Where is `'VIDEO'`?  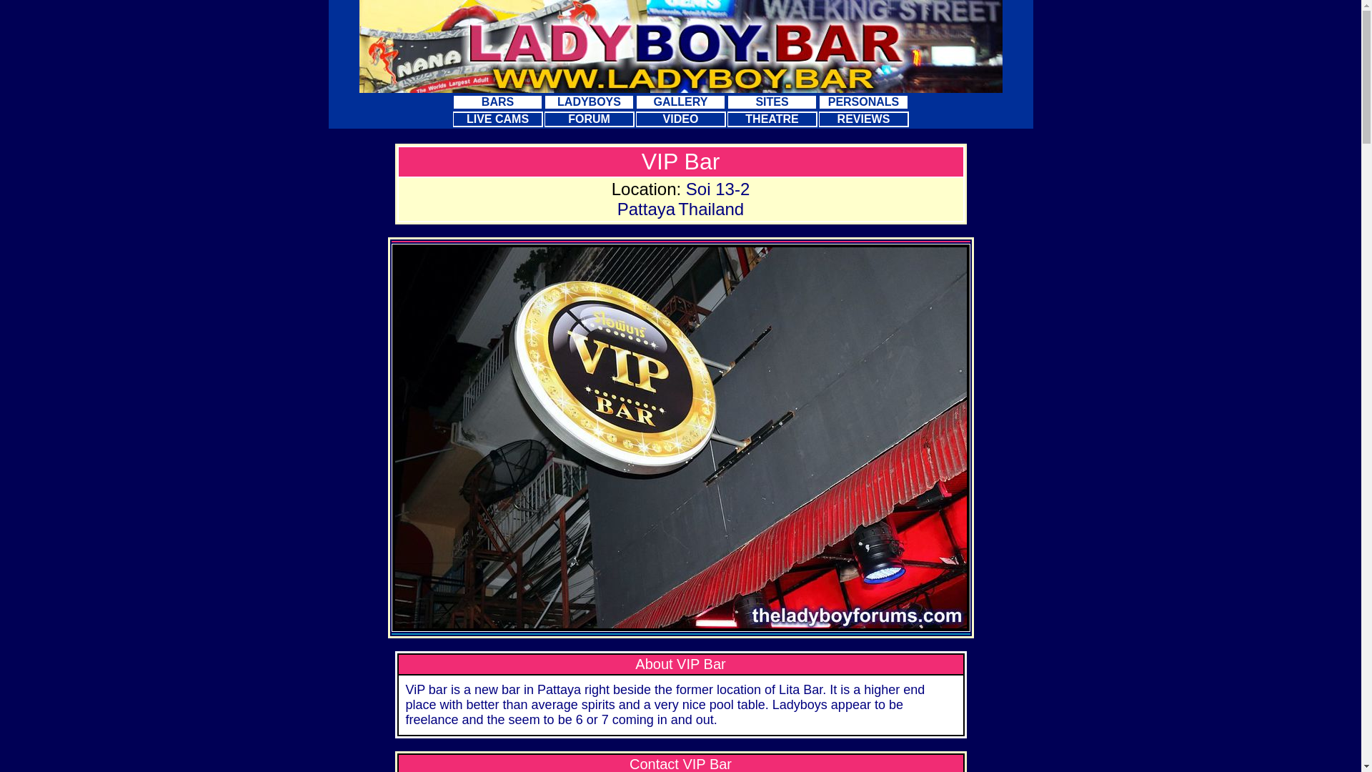 'VIDEO' is located at coordinates (679, 118).